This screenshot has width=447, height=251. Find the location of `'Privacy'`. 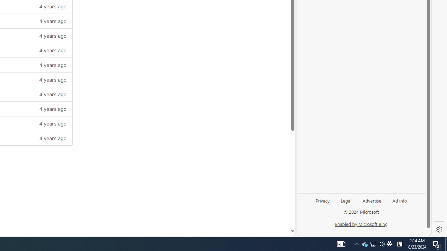

'Privacy' is located at coordinates (322, 200).